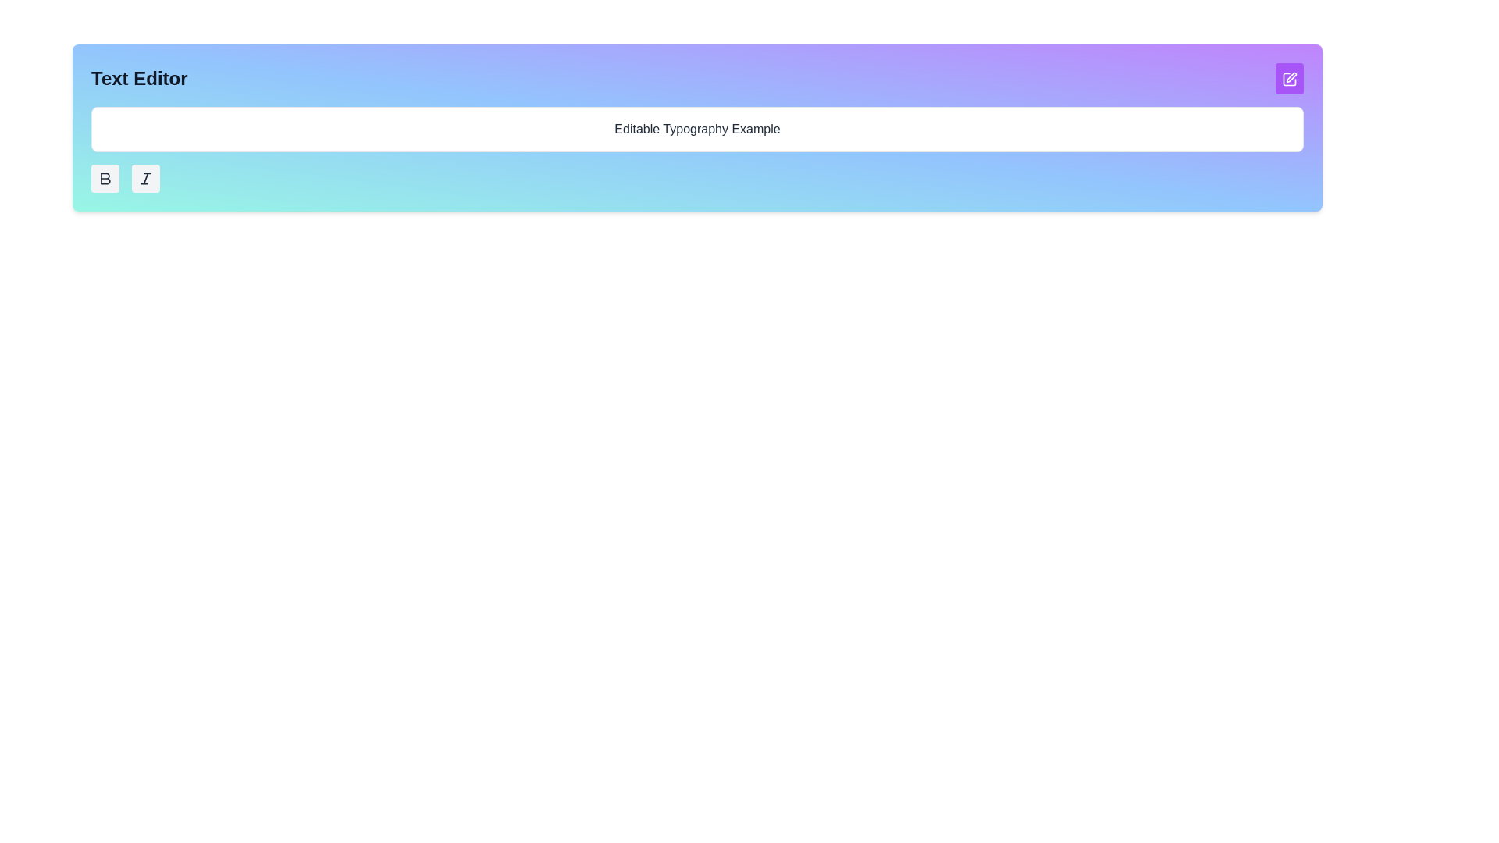  What do you see at coordinates (104, 177) in the screenshot?
I see `the first button on the left in the row of formatting buttons` at bounding box center [104, 177].